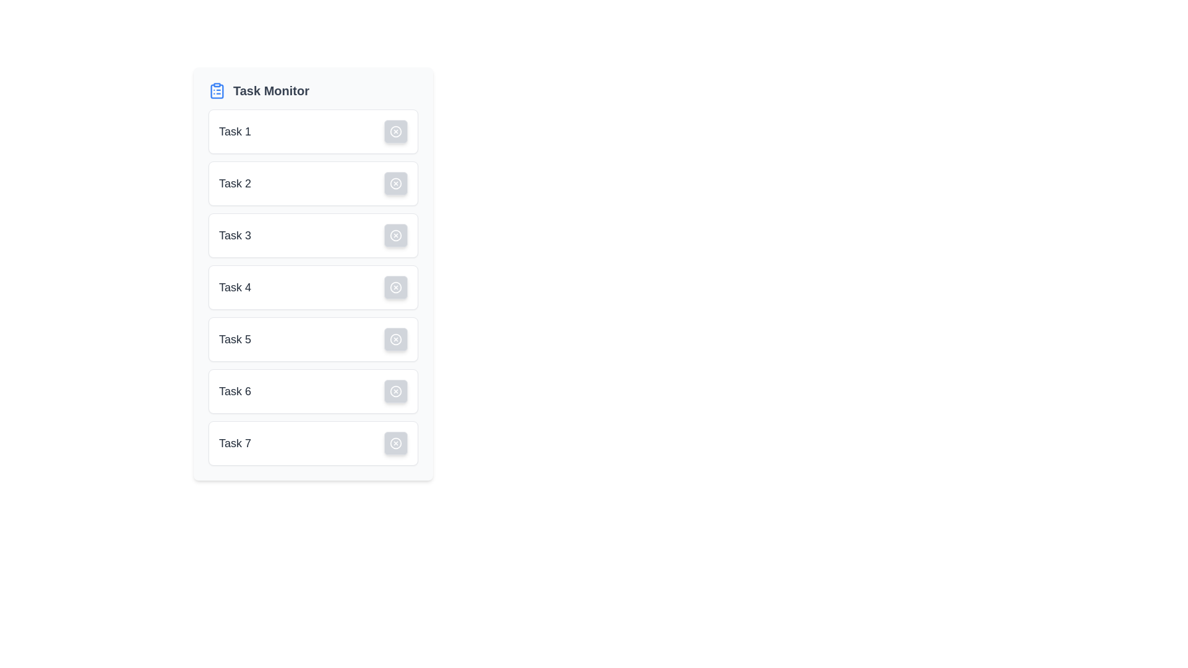 This screenshot has height=668, width=1188. Describe the element at coordinates (235, 131) in the screenshot. I see `the Text label that displays the name or title of the task` at that location.